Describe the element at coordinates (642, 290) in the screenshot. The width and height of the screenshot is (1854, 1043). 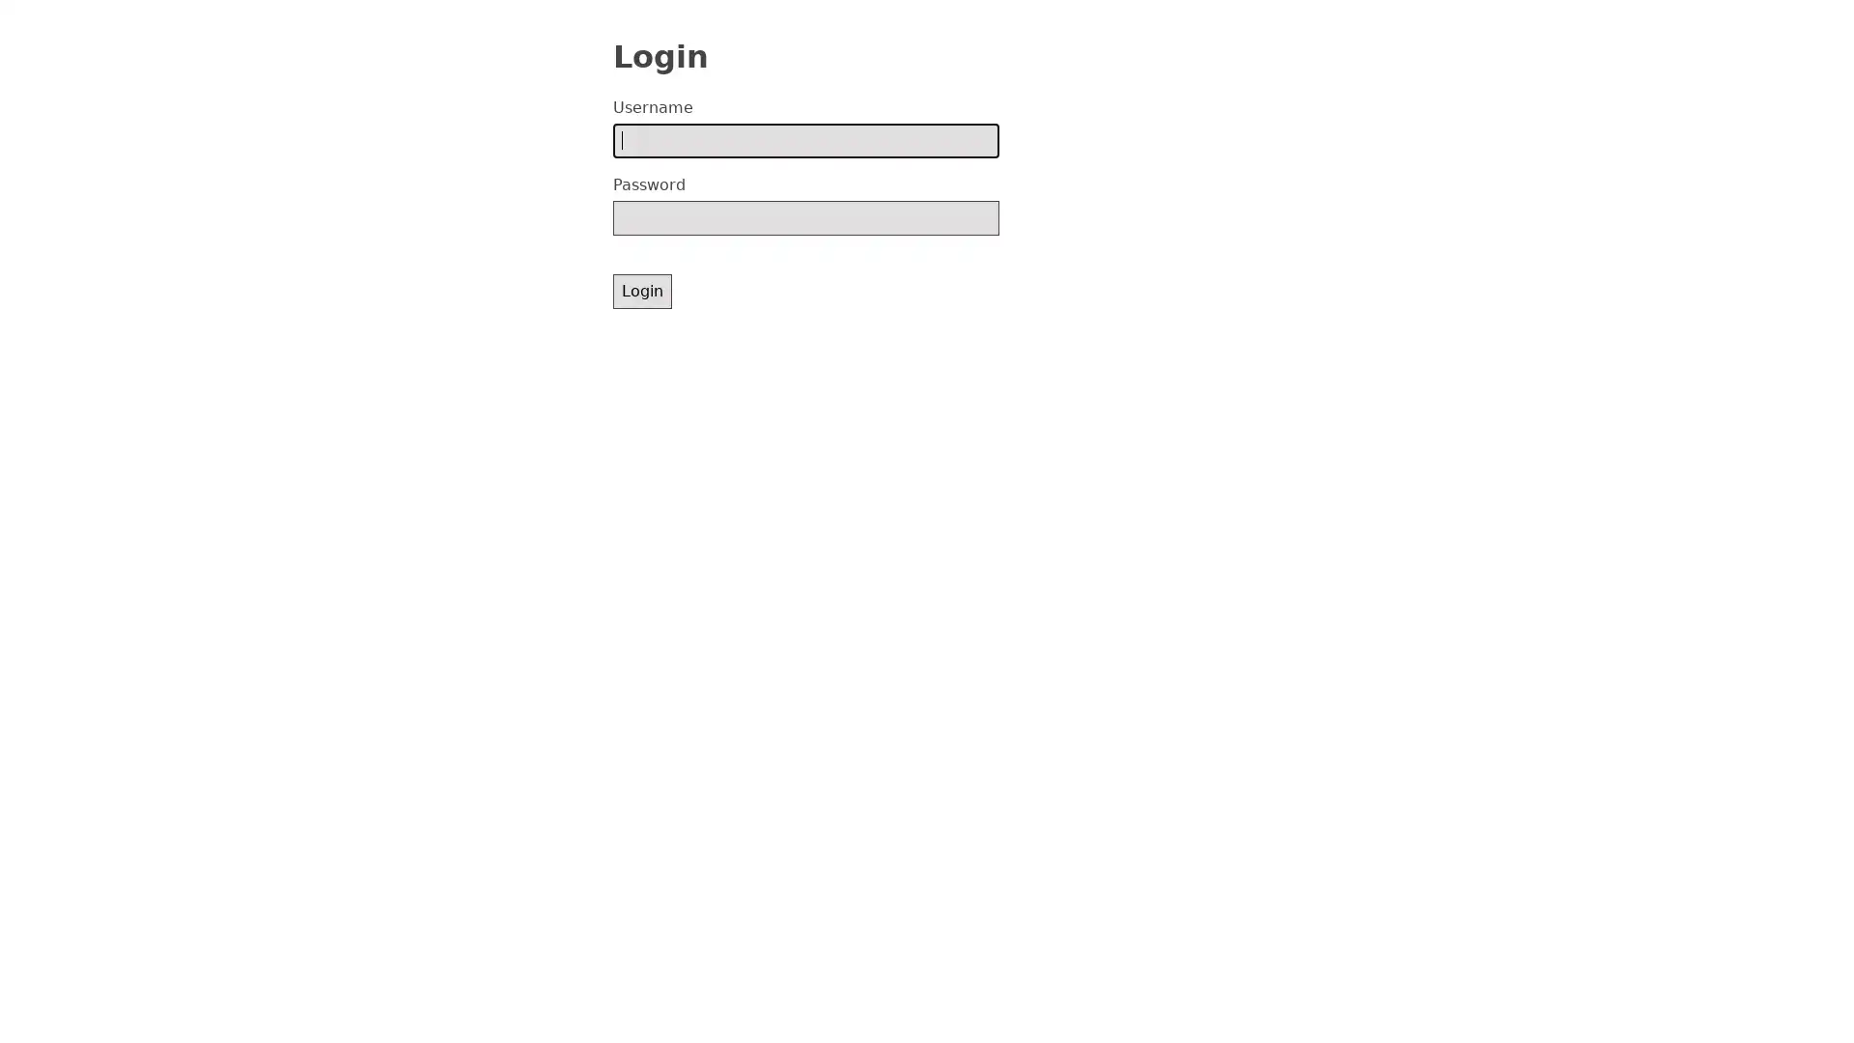
I see `Login` at that location.